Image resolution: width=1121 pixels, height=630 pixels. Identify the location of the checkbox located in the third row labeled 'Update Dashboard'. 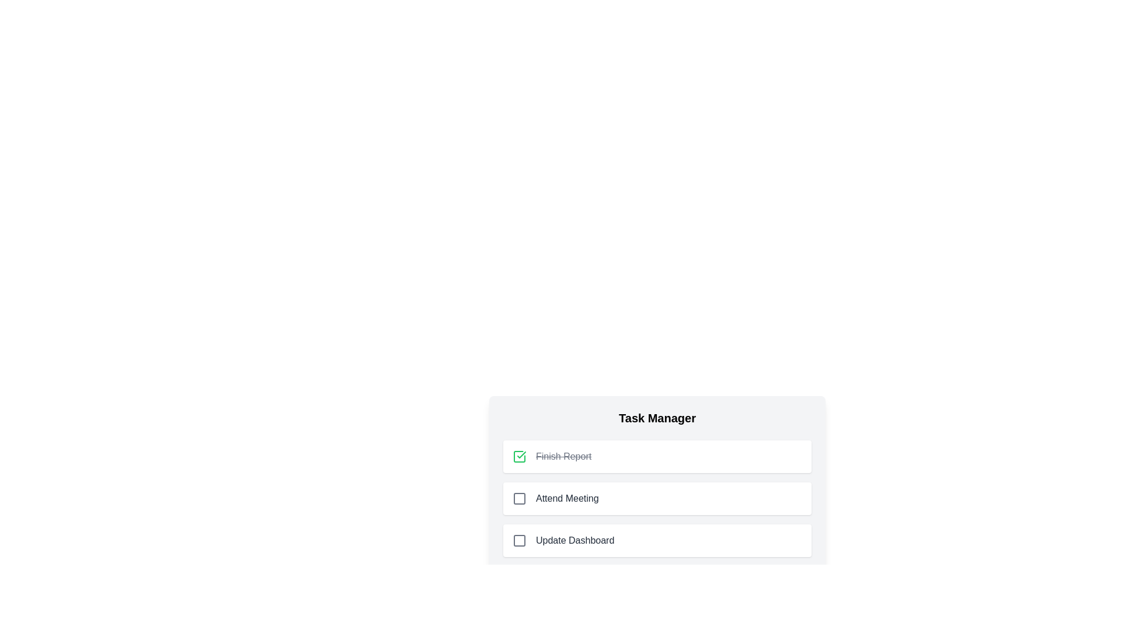
(518, 540).